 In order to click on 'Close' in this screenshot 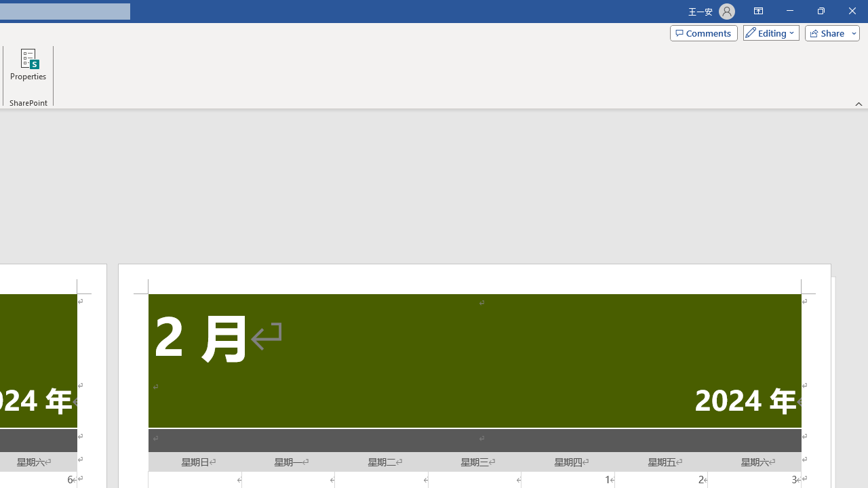, I will do `click(851, 11)`.